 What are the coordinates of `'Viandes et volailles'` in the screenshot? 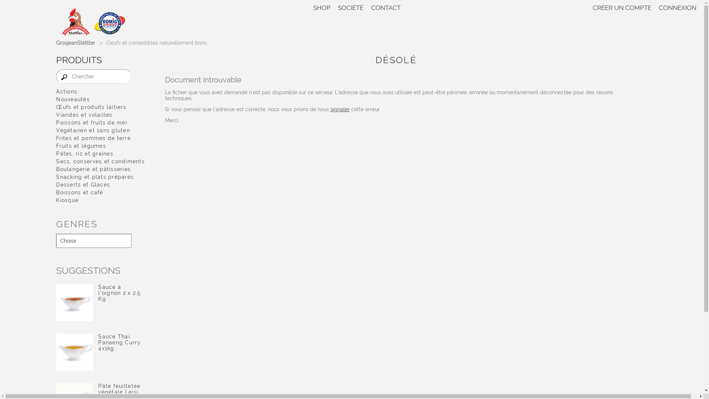 It's located at (100, 115).